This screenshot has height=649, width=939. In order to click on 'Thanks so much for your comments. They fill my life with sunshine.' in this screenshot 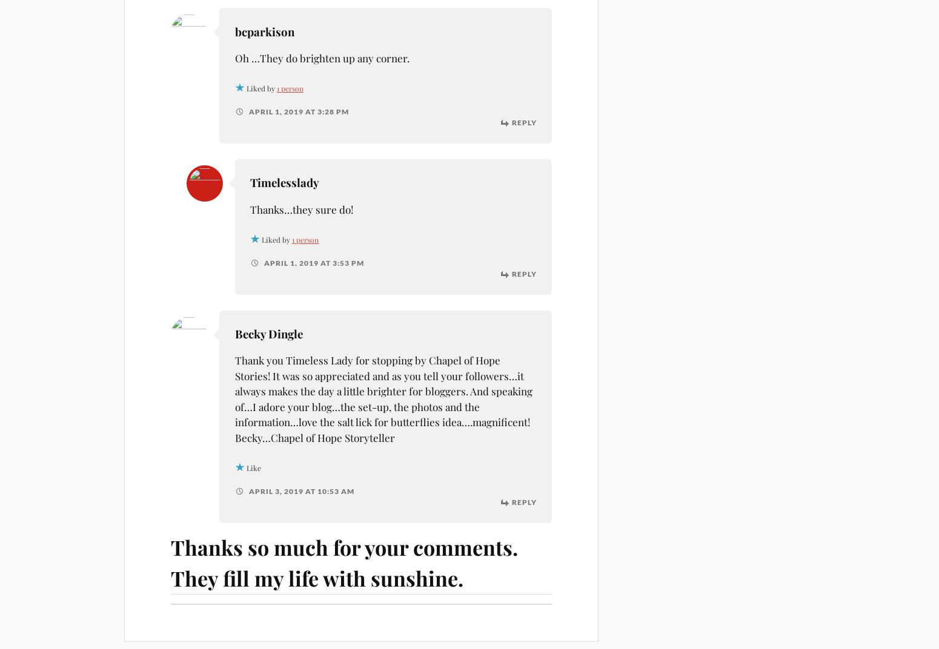, I will do `click(344, 562)`.